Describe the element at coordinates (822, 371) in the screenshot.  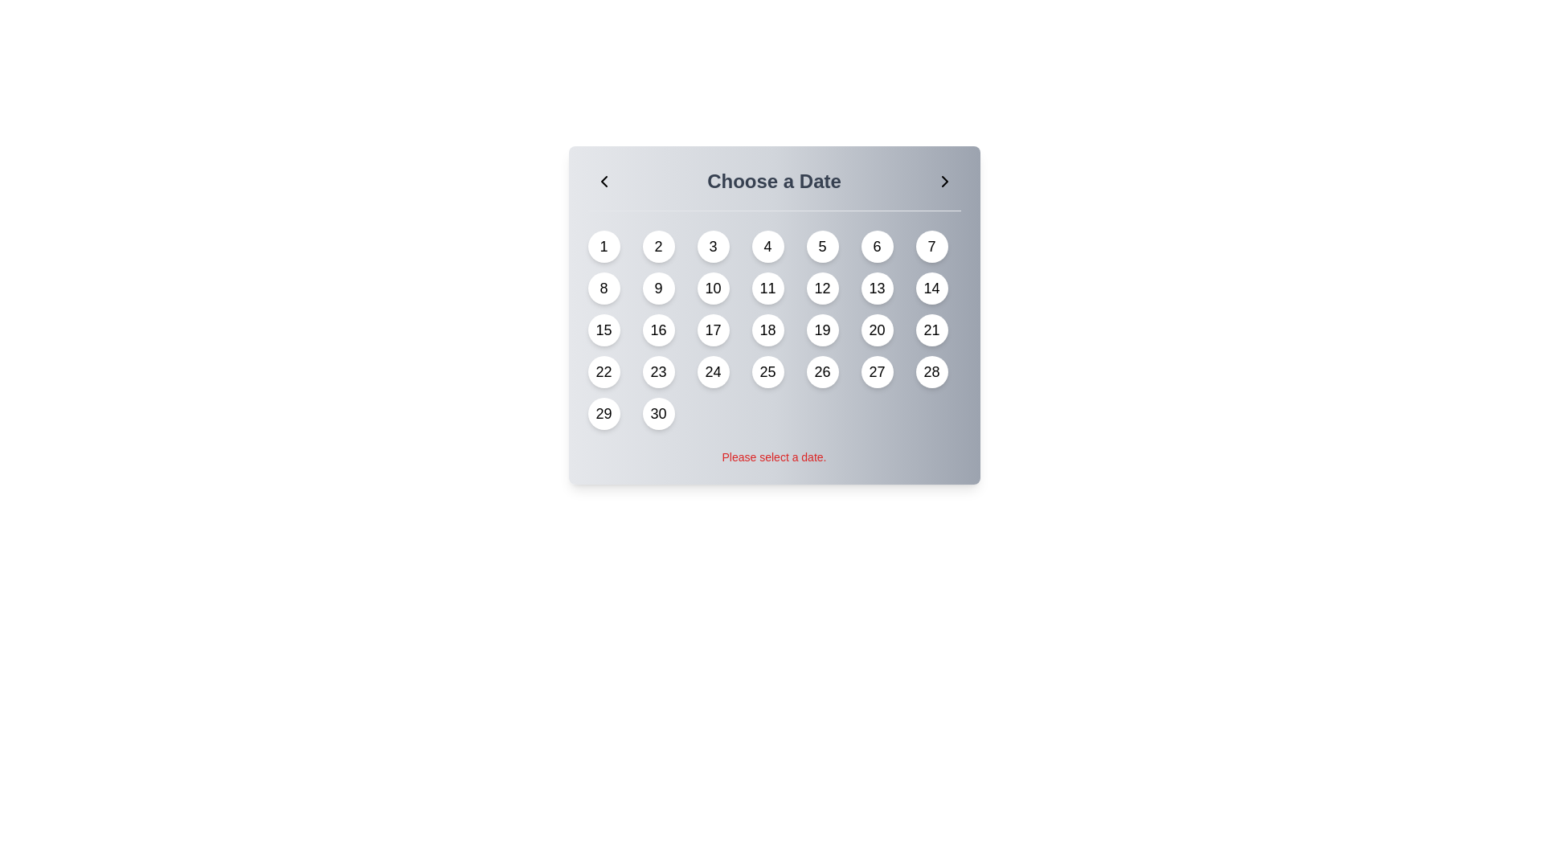
I see `the button located in the fourth row and fifth column of the calendar grid` at that location.